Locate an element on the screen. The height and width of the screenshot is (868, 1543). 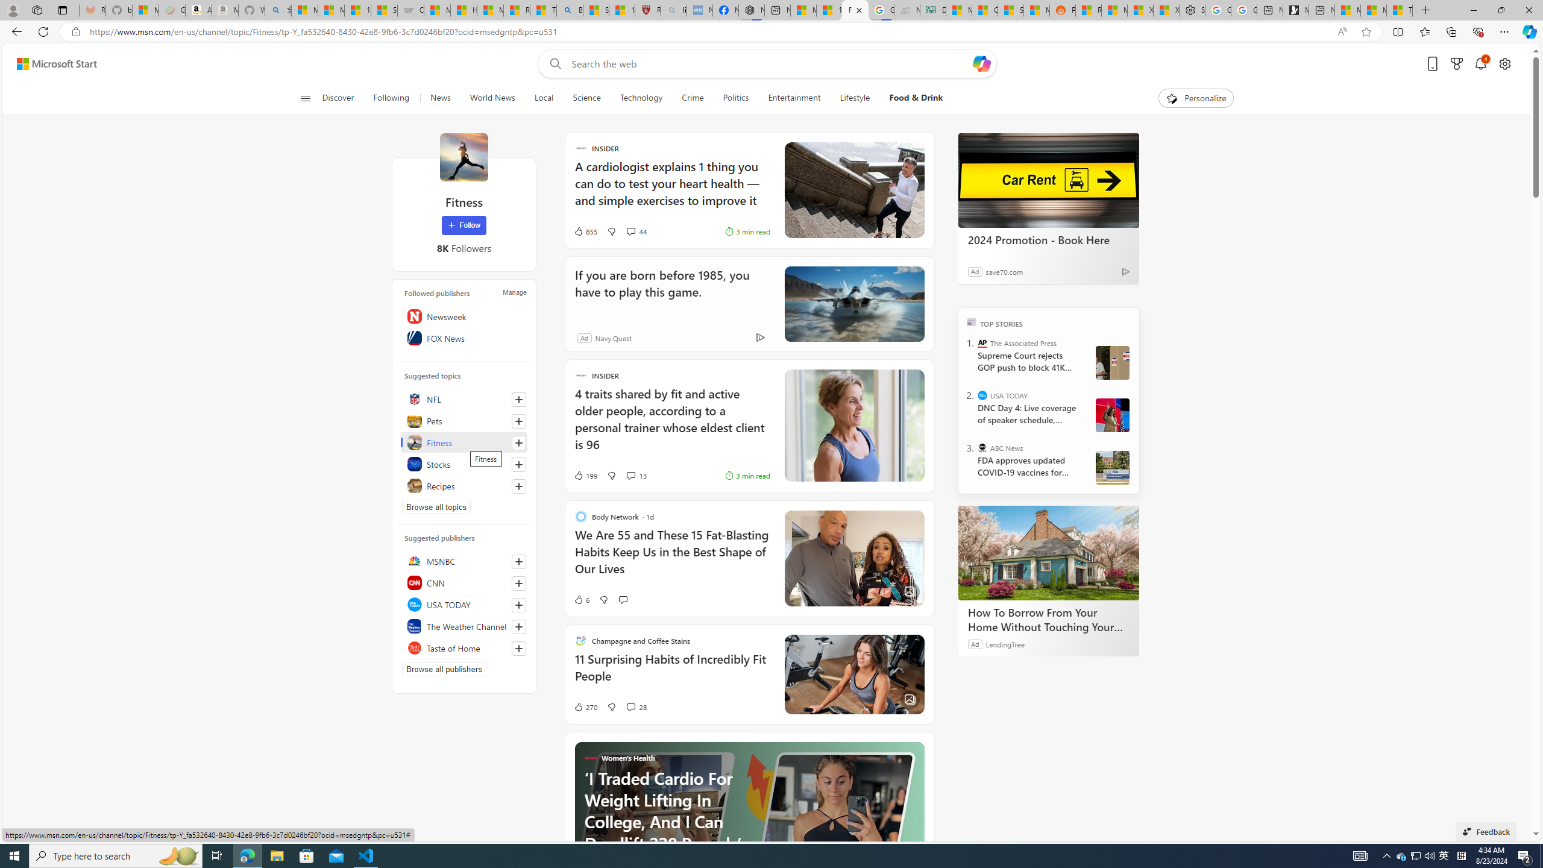
'Skip to footer' is located at coordinates (49, 63).